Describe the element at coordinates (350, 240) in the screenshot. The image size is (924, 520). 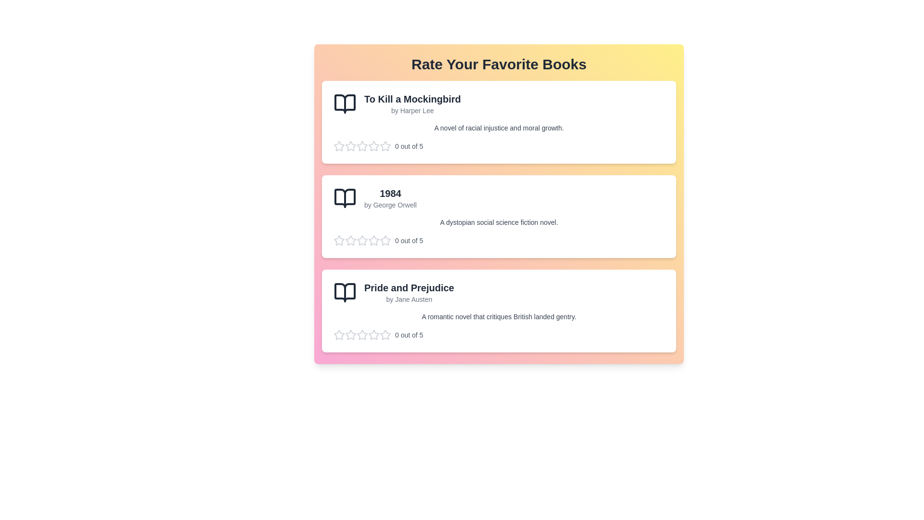
I see `the first star icon in the rating section of the book '1984'` at that location.